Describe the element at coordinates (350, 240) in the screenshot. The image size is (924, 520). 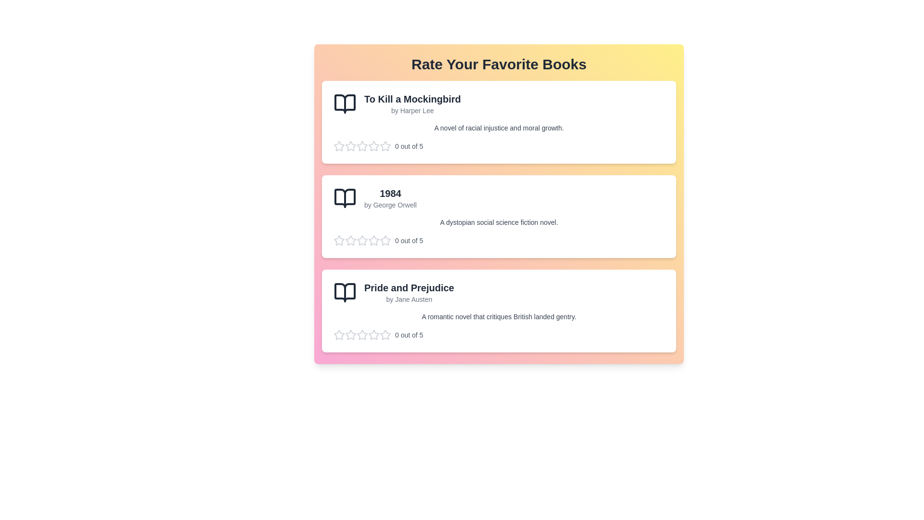
I see `the first star icon in the rating section of the book '1984'` at that location.